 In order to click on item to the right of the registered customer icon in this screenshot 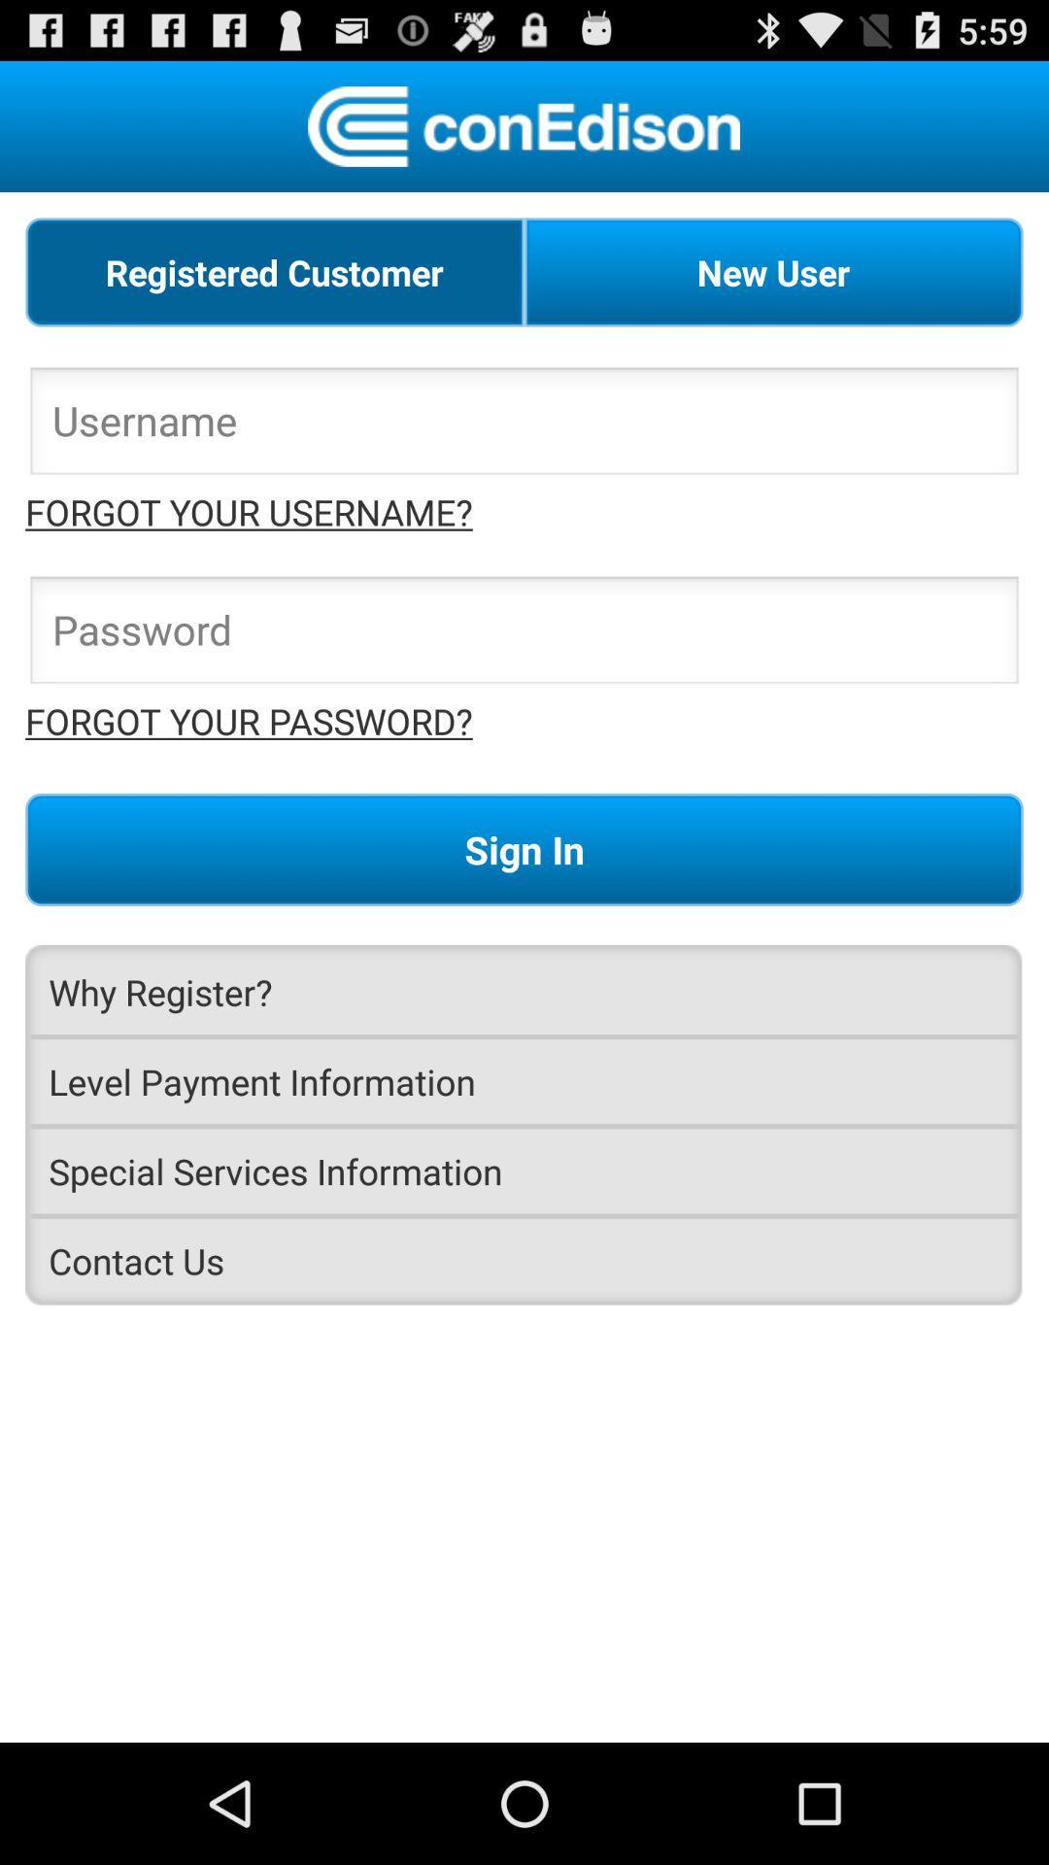, I will do `click(772, 271)`.